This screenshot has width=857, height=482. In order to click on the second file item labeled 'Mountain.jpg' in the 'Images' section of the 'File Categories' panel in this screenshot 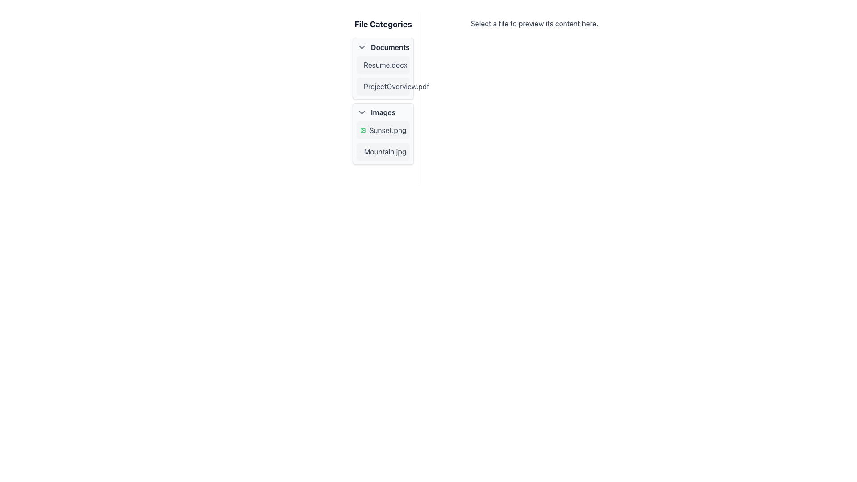, I will do `click(383, 151)`.